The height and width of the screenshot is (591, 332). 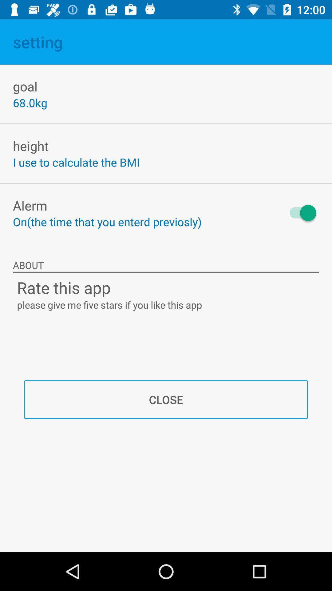 I want to click on icon above the i use to item, so click(x=31, y=146).